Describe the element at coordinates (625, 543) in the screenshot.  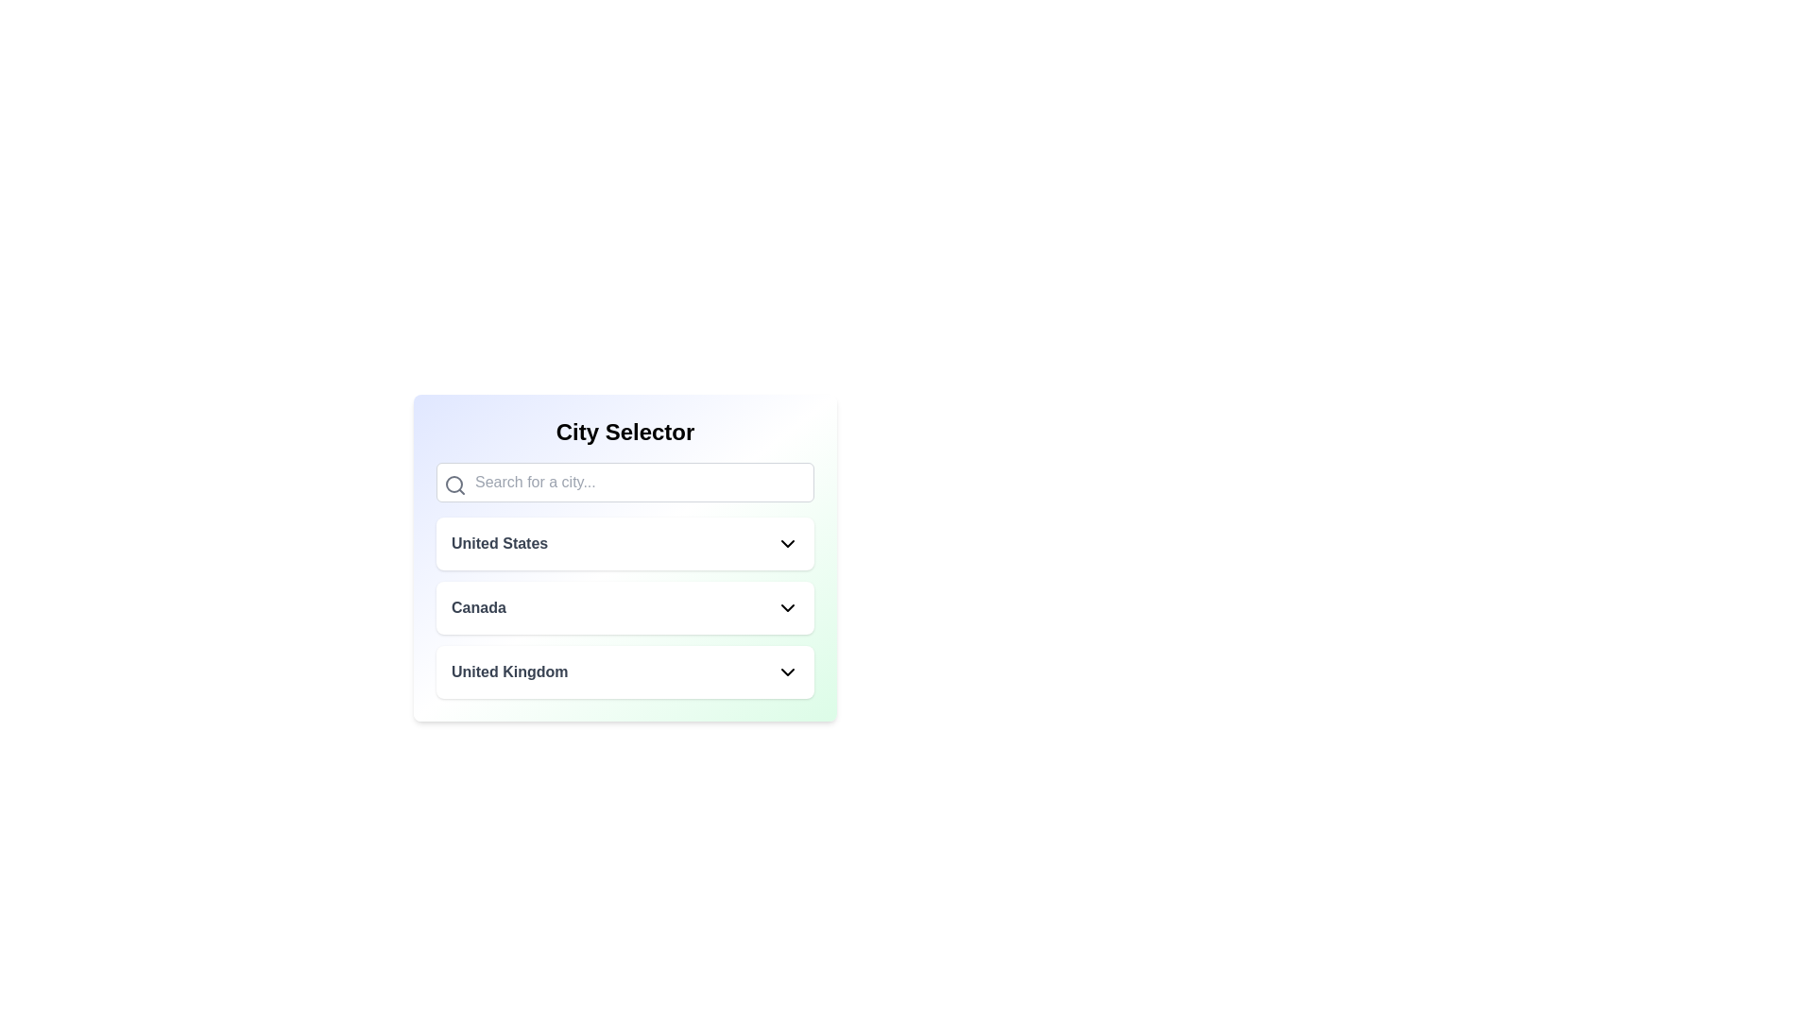
I see `the Dropdown Selector displaying 'United States'` at that location.